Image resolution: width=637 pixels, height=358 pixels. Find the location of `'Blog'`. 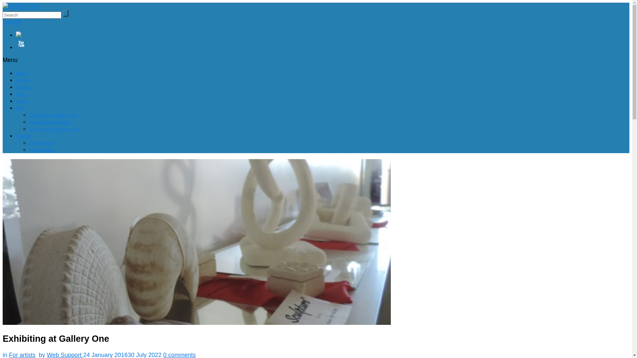

'Blog' is located at coordinates (20, 94).